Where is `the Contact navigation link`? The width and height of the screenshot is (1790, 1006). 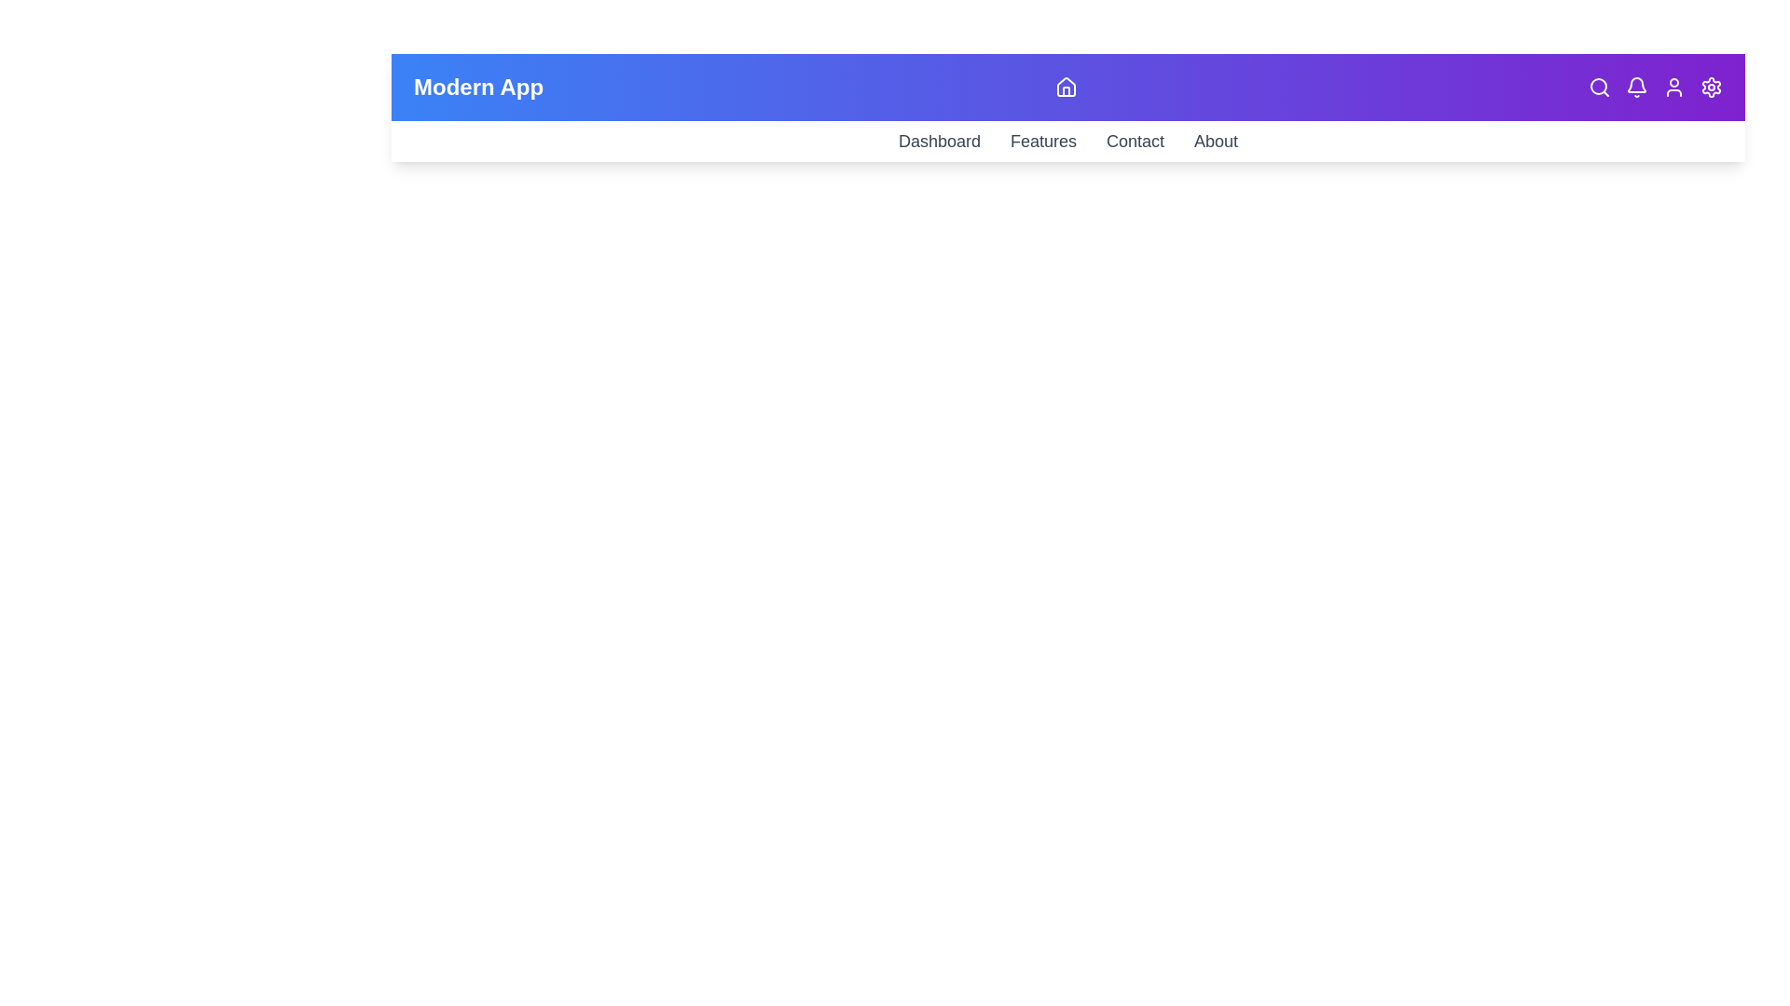 the Contact navigation link is located at coordinates (1135, 140).